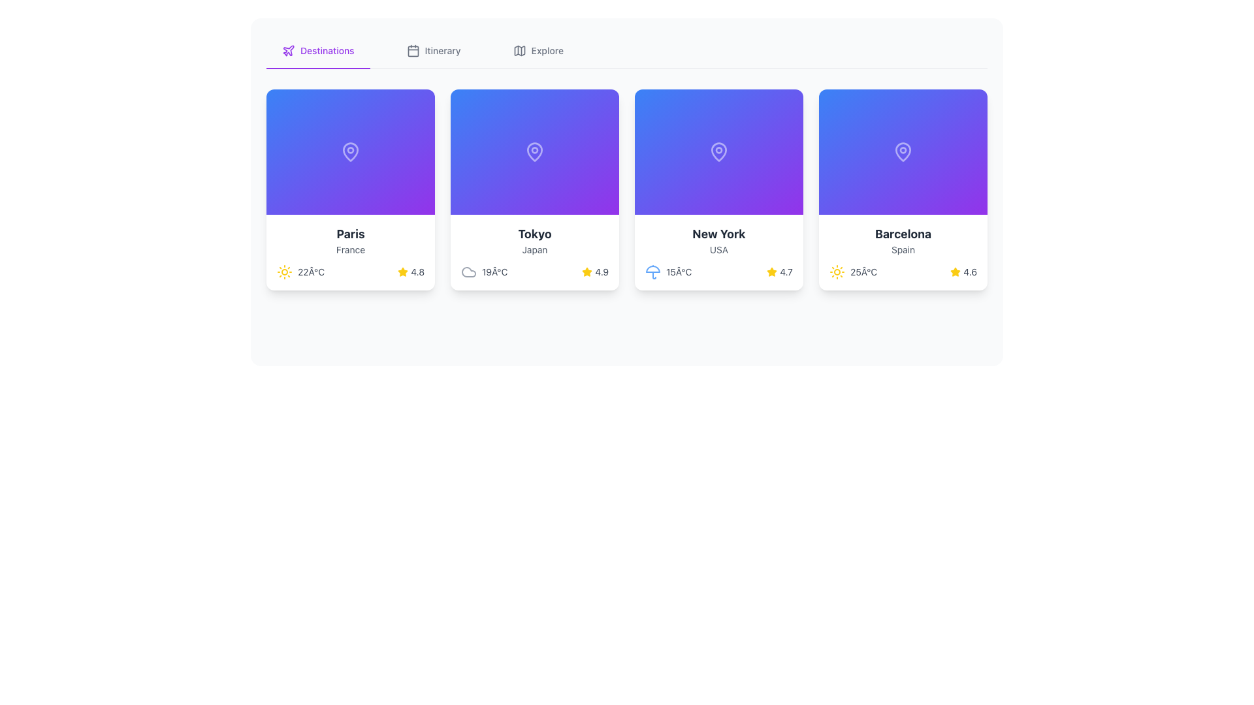 The height and width of the screenshot is (705, 1254). What do you see at coordinates (287, 50) in the screenshot?
I see `the icon representing 'Destinations' located in the top-left region of the interface` at bounding box center [287, 50].